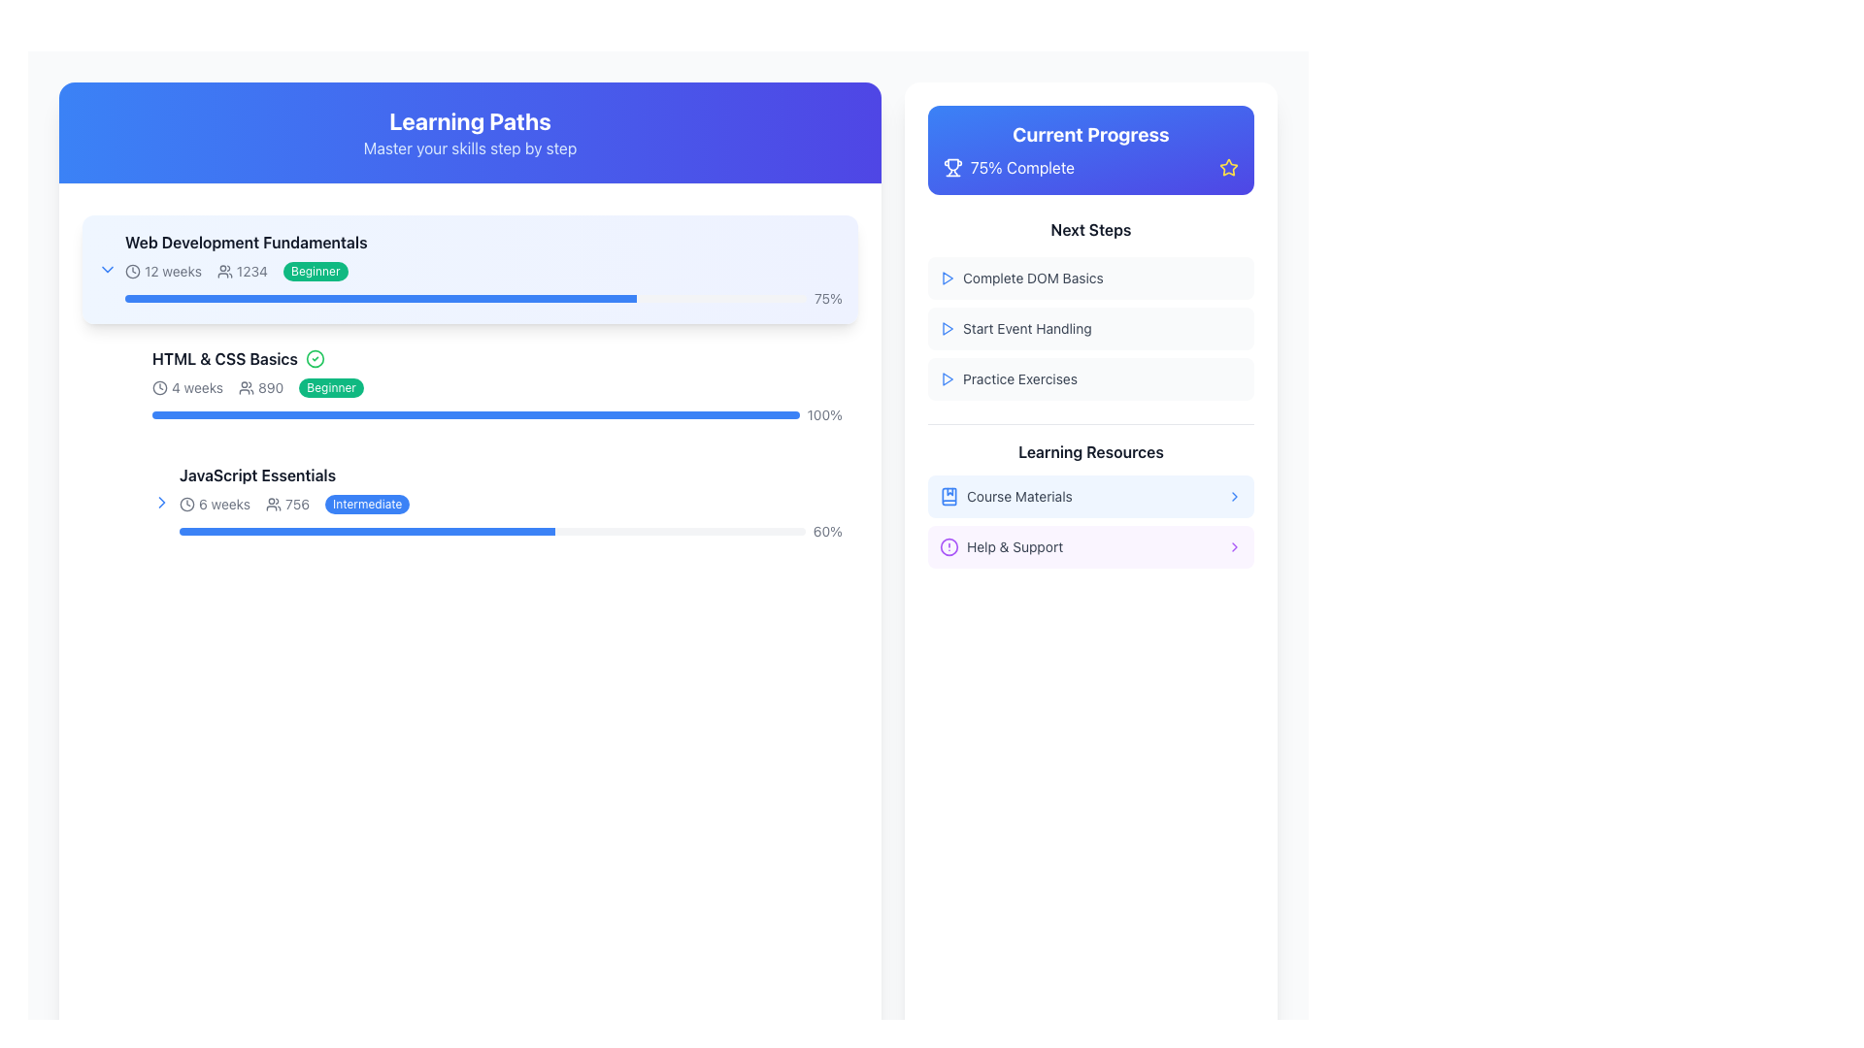  What do you see at coordinates (246, 388) in the screenshot?
I see `the SVG icon depicting a group of users, which is located in the second card titled 'HTML & CSS Basics' under the 'Learning Paths' section, immediately to the left of the text '890'` at bounding box center [246, 388].